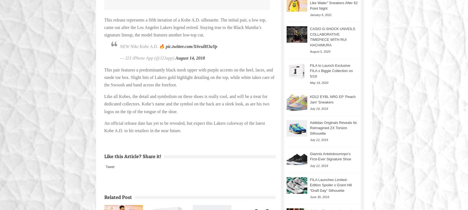  What do you see at coordinates (185, 27) in the screenshot?
I see `'This release represents a fifth iteration of a Kobe A.D. silhouette. The initial pair, a low top, came out after the Los Angeles Lakers legend retired. Staying true to the Black Mamba’s signature lineup, the model features another low-top cut.'` at bounding box center [185, 27].